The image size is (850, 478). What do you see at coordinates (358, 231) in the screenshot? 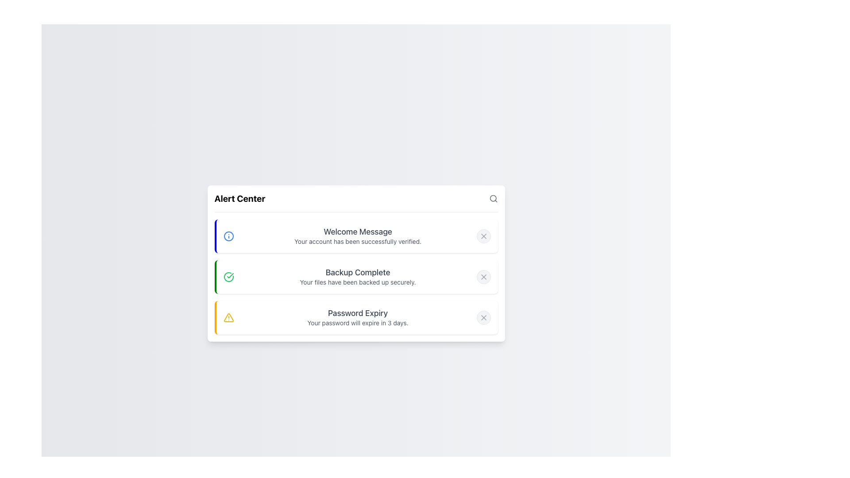
I see `the 'Welcome Message' text label located at the top of the notification card in the 'Alert Center' section` at bounding box center [358, 231].